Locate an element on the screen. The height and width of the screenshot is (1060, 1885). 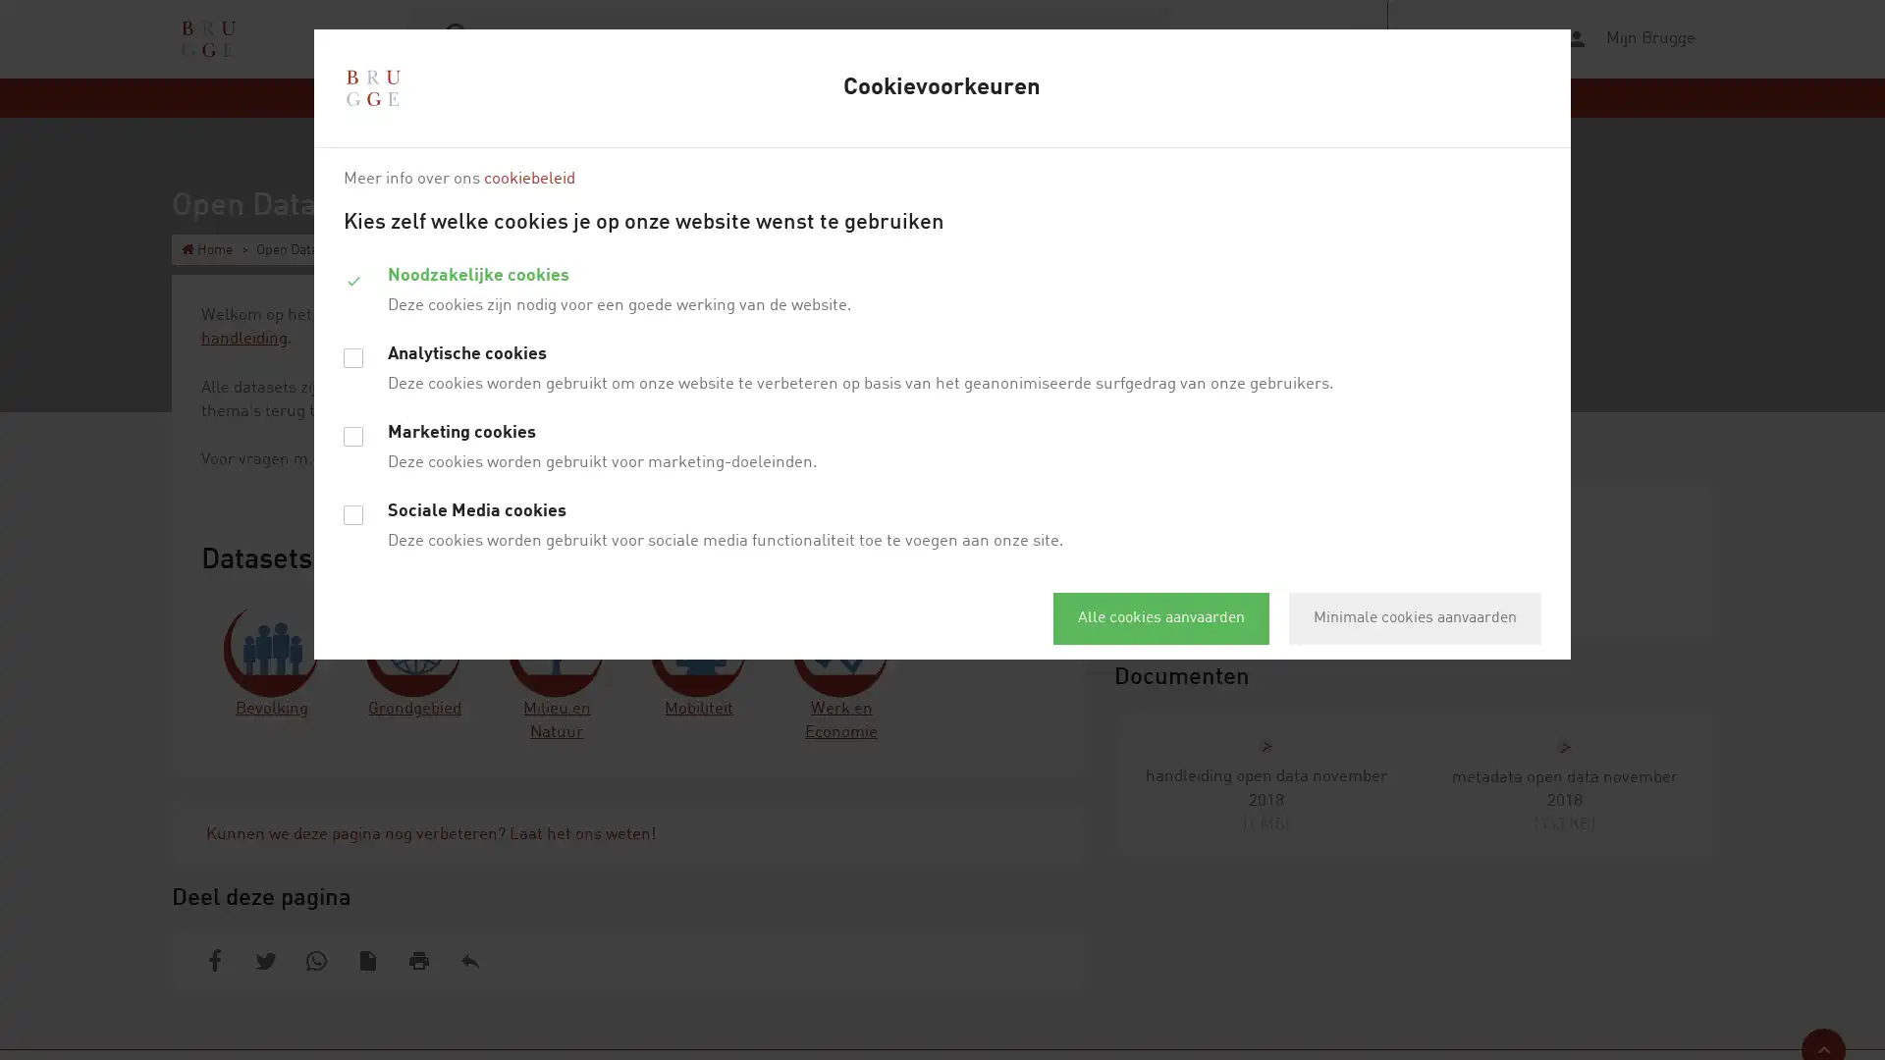
Zoek is located at coordinates (458, 41).